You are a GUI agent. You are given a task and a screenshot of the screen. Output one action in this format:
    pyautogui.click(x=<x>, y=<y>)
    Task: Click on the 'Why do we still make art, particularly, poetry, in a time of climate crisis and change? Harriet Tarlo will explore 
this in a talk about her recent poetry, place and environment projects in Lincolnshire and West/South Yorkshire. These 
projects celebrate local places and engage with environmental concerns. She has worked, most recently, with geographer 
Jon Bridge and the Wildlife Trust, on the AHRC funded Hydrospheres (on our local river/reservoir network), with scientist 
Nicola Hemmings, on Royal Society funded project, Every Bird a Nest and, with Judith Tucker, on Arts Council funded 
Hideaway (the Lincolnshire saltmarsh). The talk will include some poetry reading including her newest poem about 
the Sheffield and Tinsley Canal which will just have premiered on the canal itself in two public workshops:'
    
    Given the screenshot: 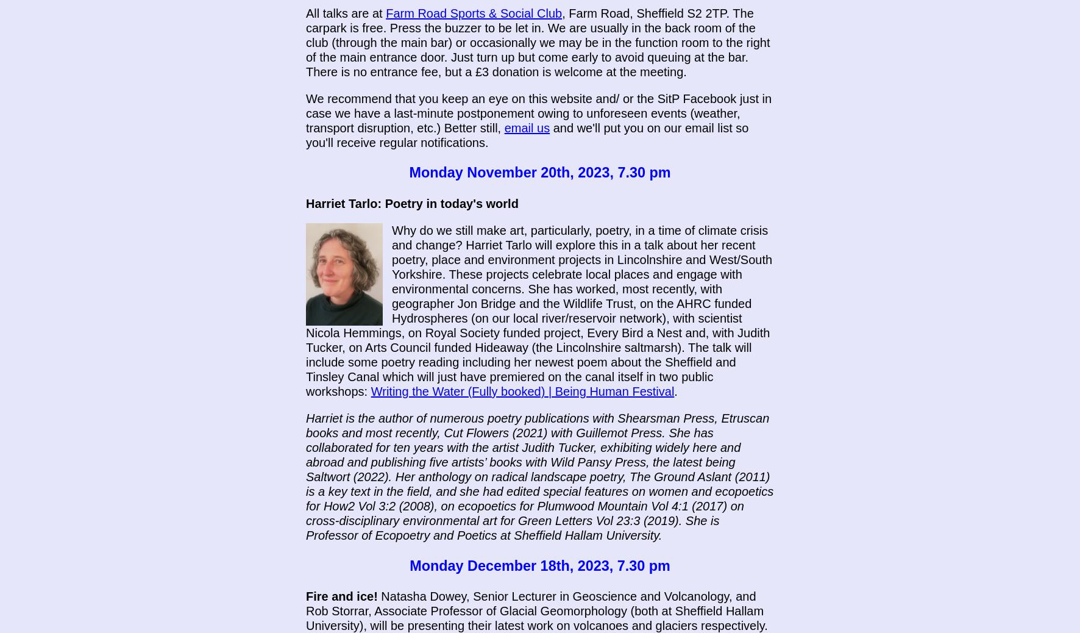 What is the action you would take?
    pyautogui.click(x=539, y=310)
    